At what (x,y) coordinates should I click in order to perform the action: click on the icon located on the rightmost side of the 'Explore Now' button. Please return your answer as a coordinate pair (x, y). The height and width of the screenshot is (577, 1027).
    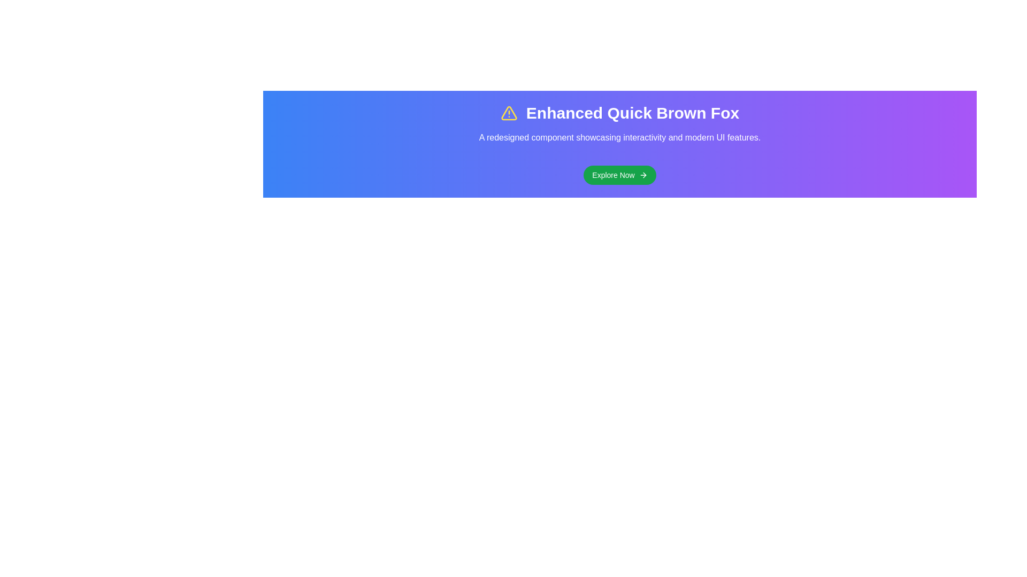
    Looking at the image, I should click on (642, 174).